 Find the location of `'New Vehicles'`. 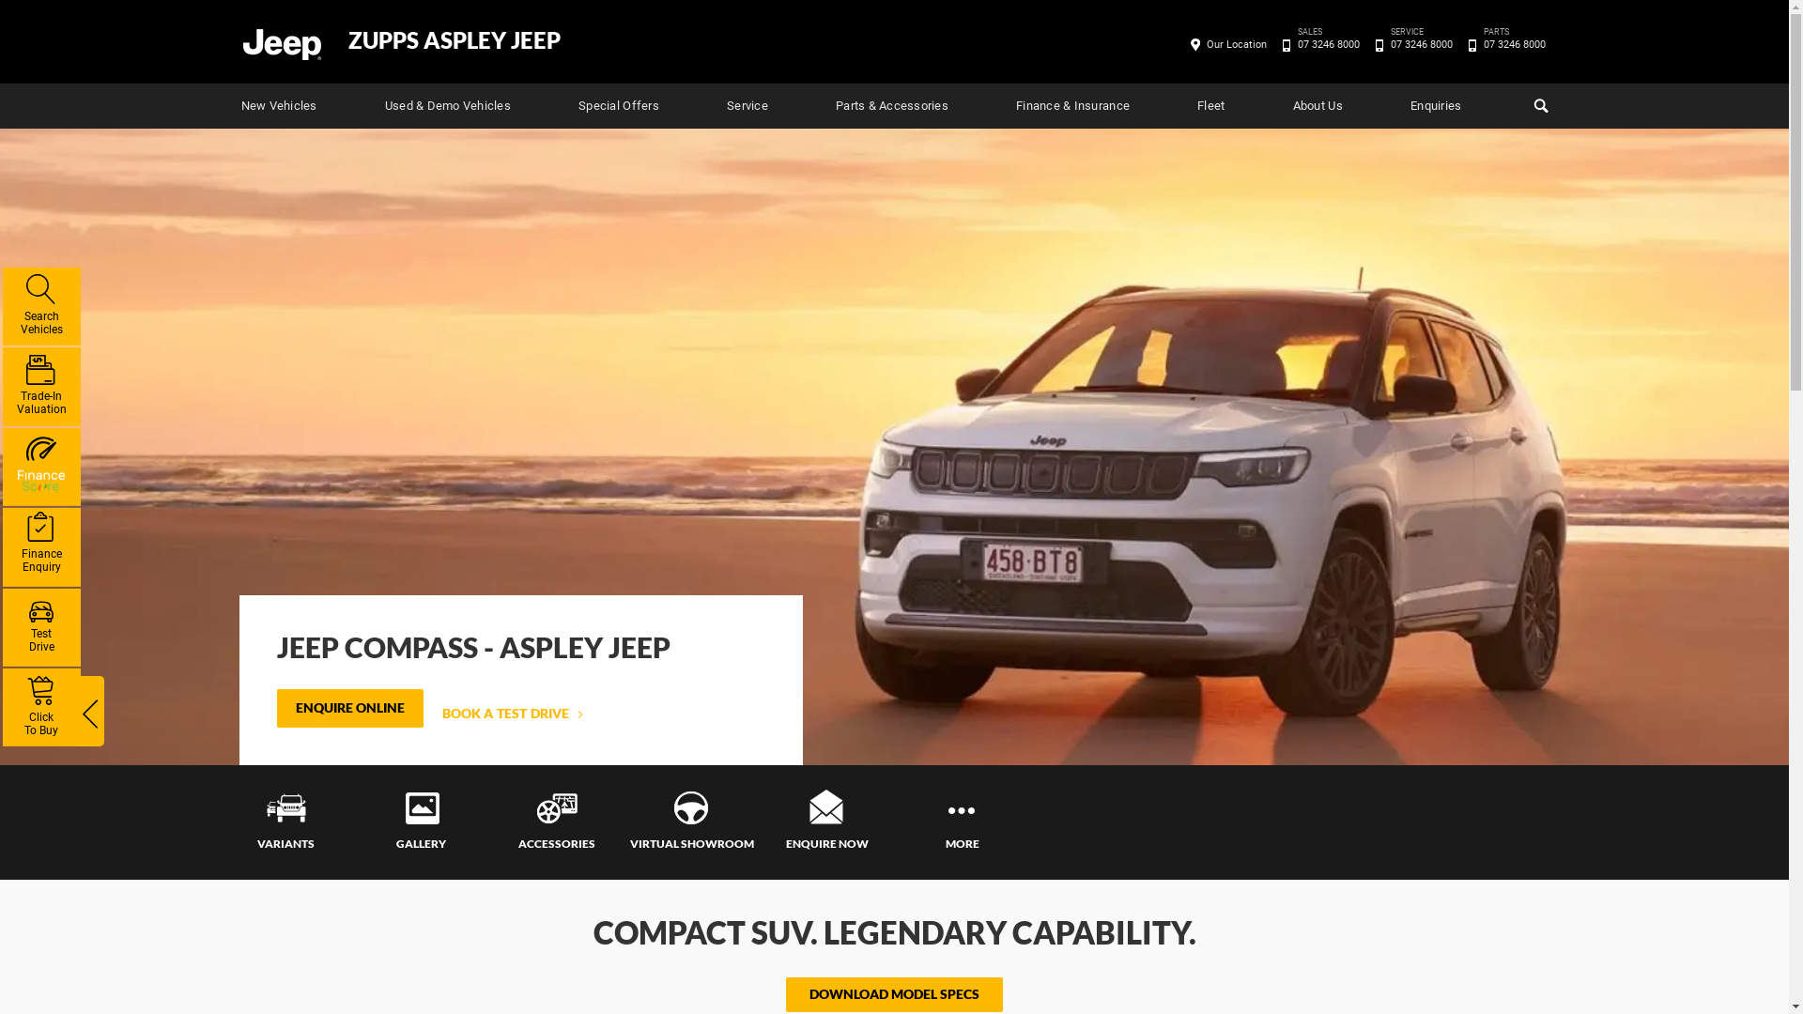

'New Vehicles' is located at coordinates (277, 105).